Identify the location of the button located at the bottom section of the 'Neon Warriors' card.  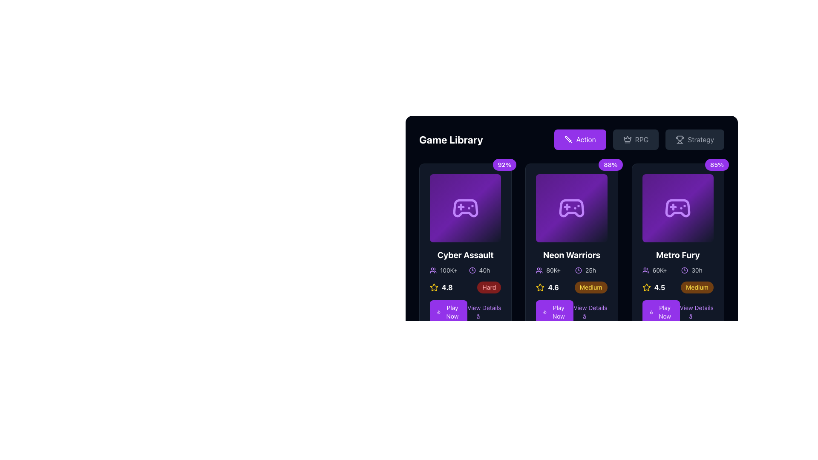
(555, 312).